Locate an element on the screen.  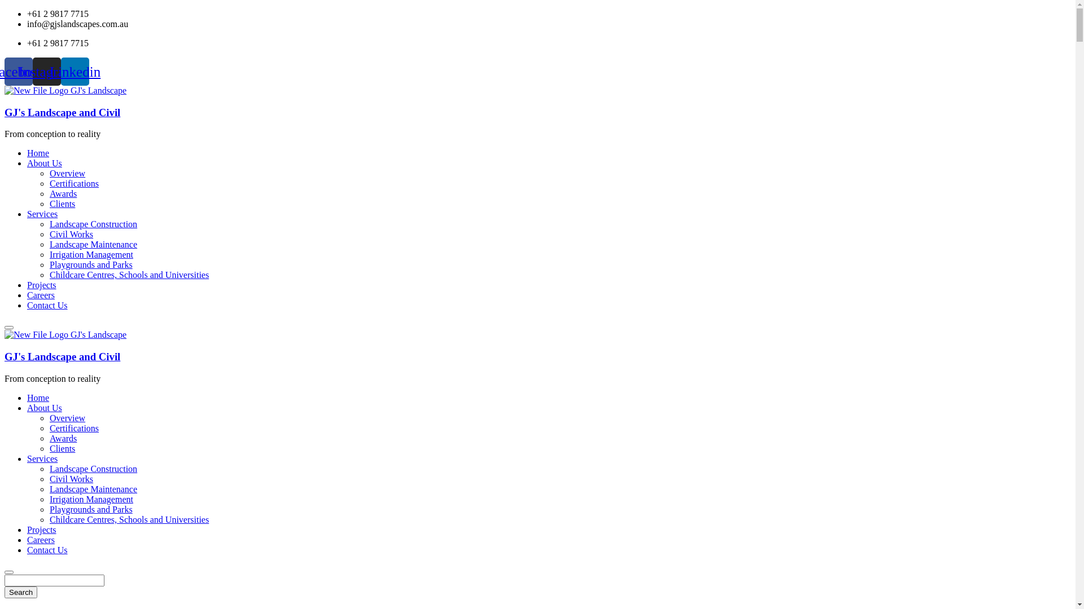
'Instagram' is located at coordinates (46, 72).